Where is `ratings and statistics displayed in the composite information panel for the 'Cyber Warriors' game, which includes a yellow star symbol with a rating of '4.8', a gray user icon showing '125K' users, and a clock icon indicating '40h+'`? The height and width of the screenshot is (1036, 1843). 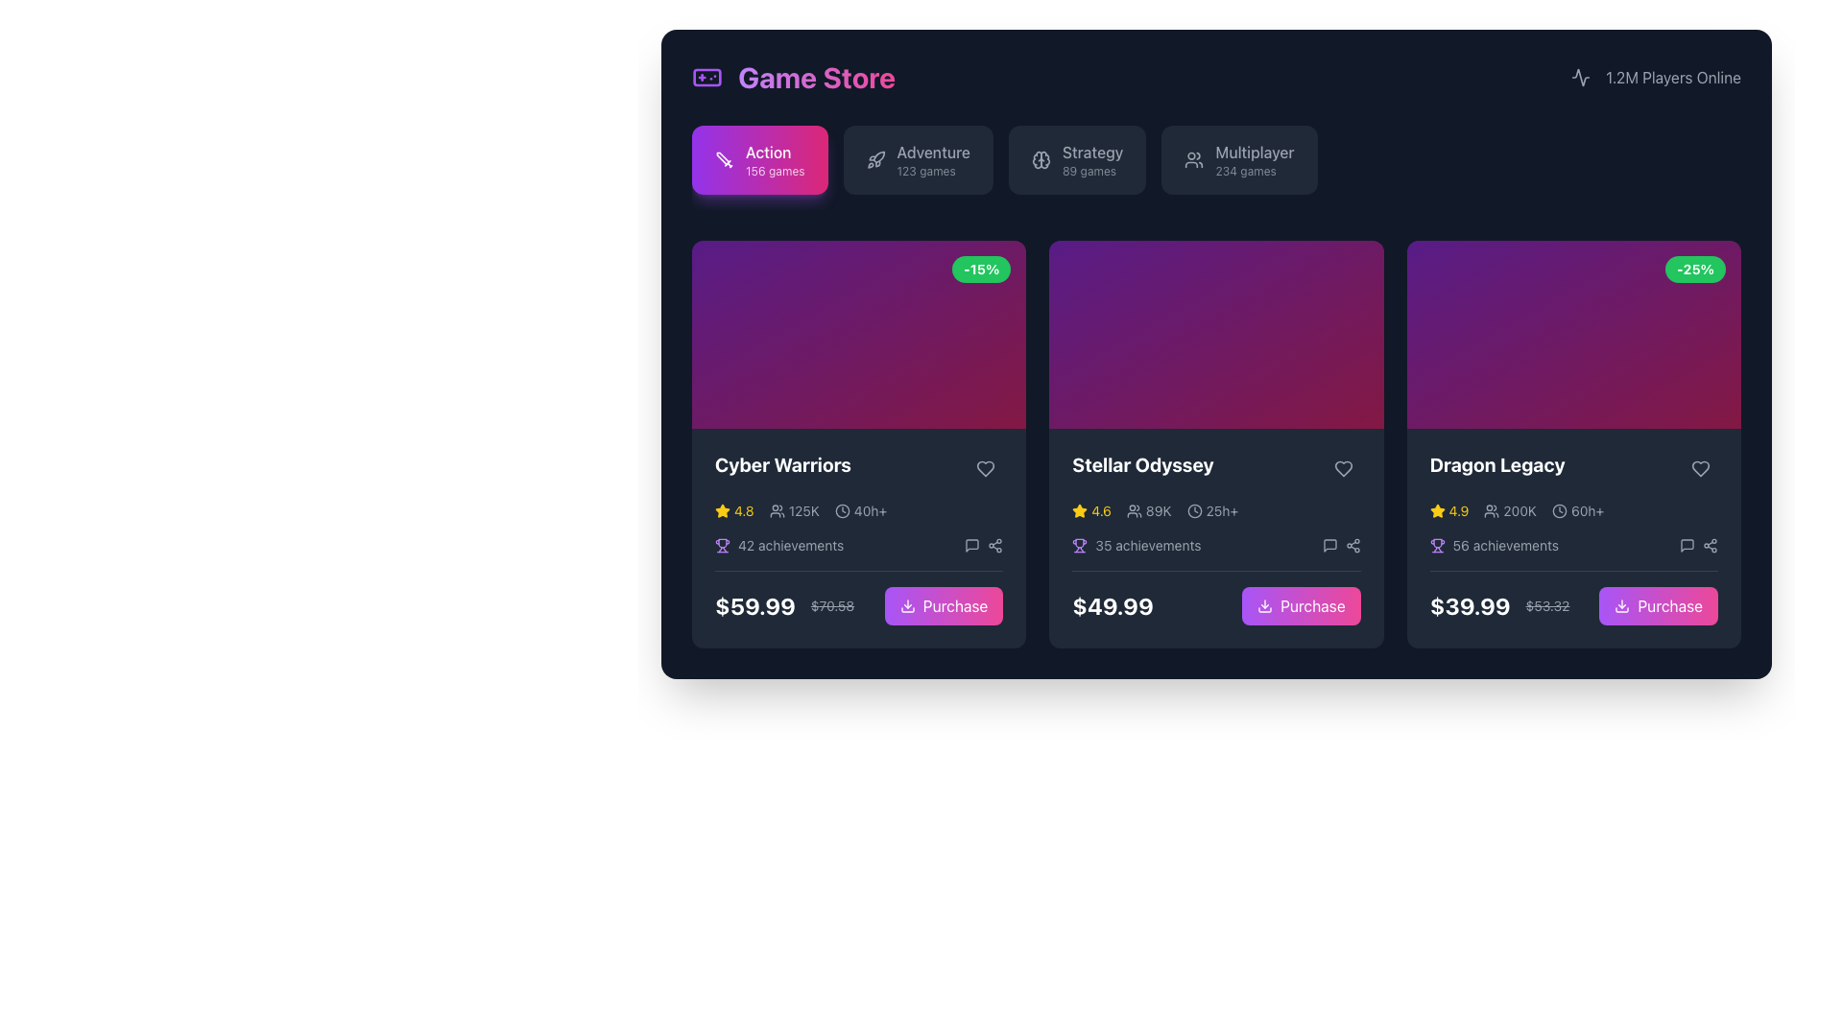 ratings and statistics displayed in the composite information panel for the 'Cyber Warriors' game, which includes a yellow star symbol with a rating of '4.8', a gray user icon showing '125K' users, and a clock icon indicating '40h+' is located at coordinates (858, 509).